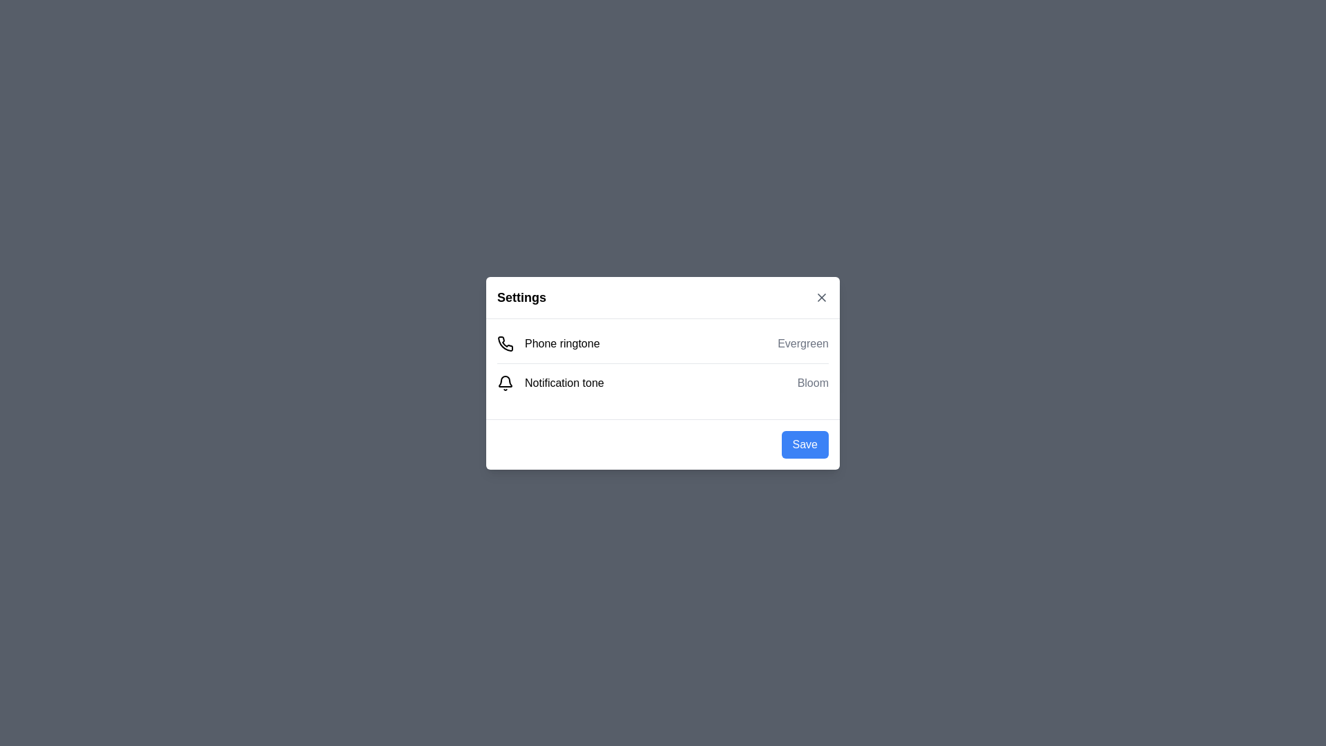 The width and height of the screenshot is (1326, 746). Describe the element at coordinates (663, 297) in the screenshot. I see `the close button located at the top of the modal dialogue box, which serves` at that location.